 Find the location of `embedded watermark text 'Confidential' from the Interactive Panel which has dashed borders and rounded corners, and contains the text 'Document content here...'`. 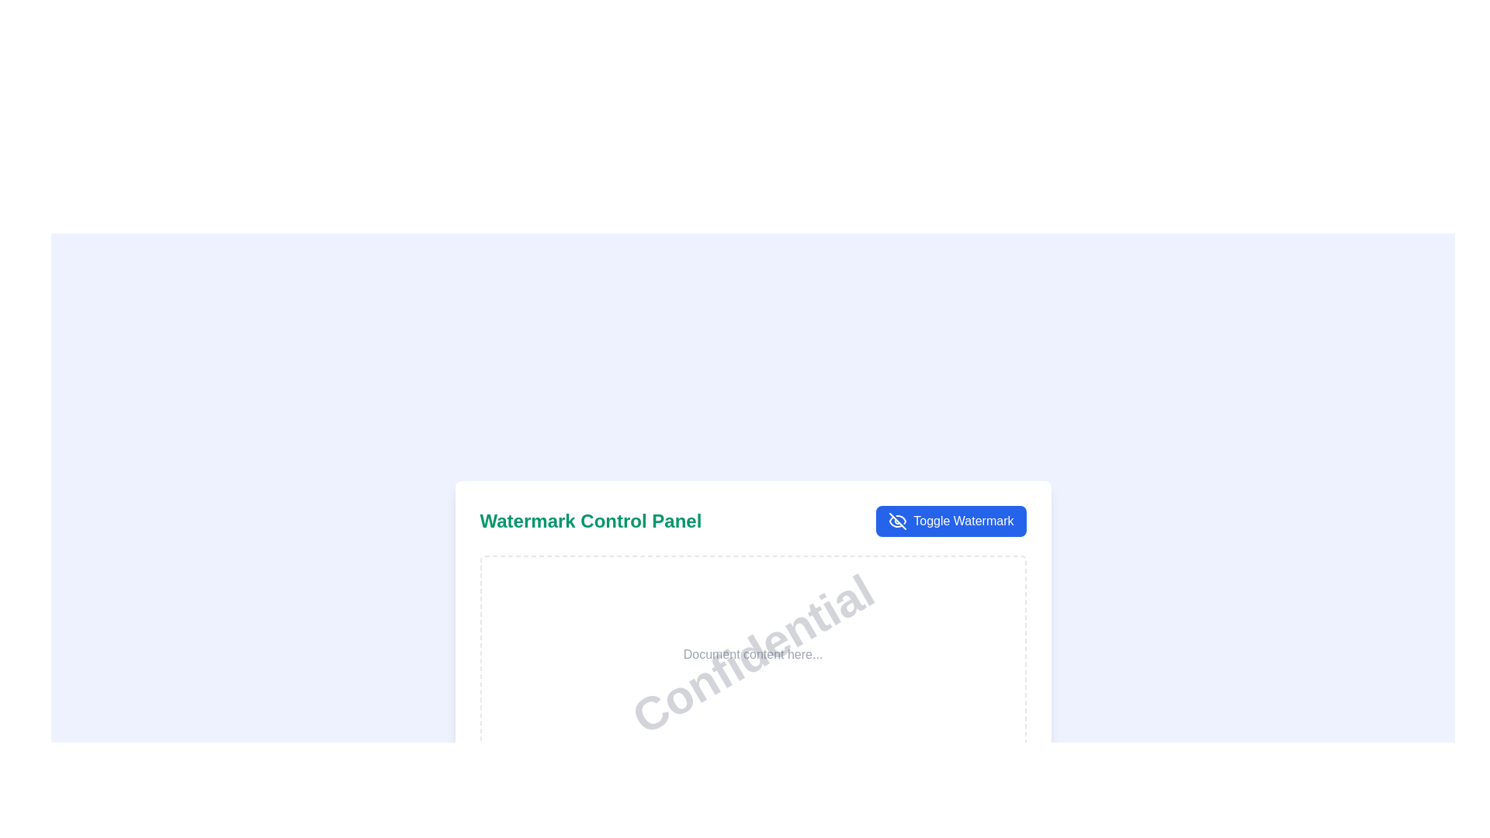

embedded watermark text 'Confidential' from the Interactive Panel which has dashed borders and rounded corners, and contains the text 'Document content here...' is located at coordinates (753, 655).